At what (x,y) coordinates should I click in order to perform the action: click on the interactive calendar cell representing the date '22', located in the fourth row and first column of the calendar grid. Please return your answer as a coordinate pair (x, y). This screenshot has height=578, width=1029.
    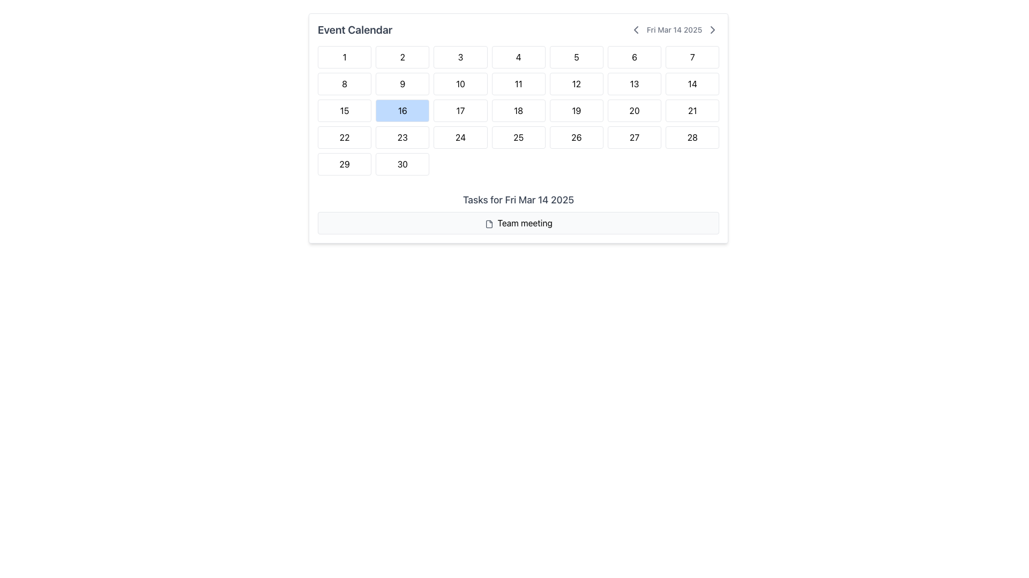
    Looking at the image, I should click on (345, 137).